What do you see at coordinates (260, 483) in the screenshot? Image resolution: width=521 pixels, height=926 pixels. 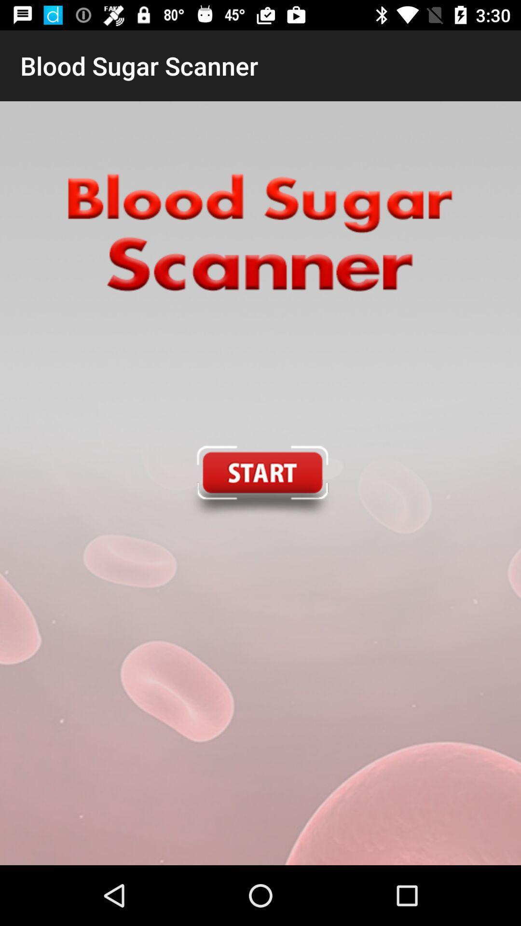 I see `start button page` at bounding box center [260, 483].